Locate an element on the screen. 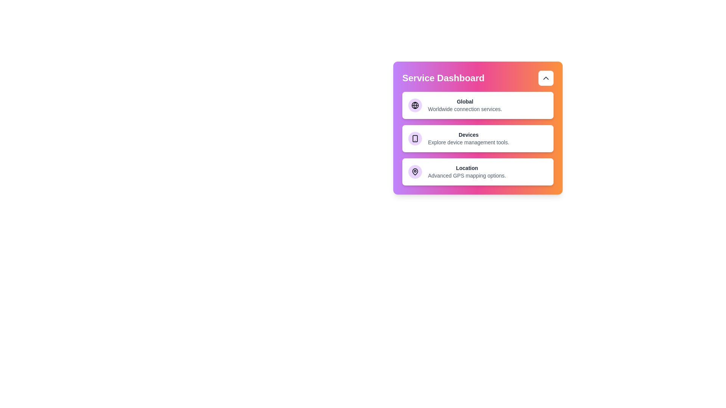 The image size is (726, 408). the service card labeled 'Global' to observe its hover effect is located at coordinates (477, 105).